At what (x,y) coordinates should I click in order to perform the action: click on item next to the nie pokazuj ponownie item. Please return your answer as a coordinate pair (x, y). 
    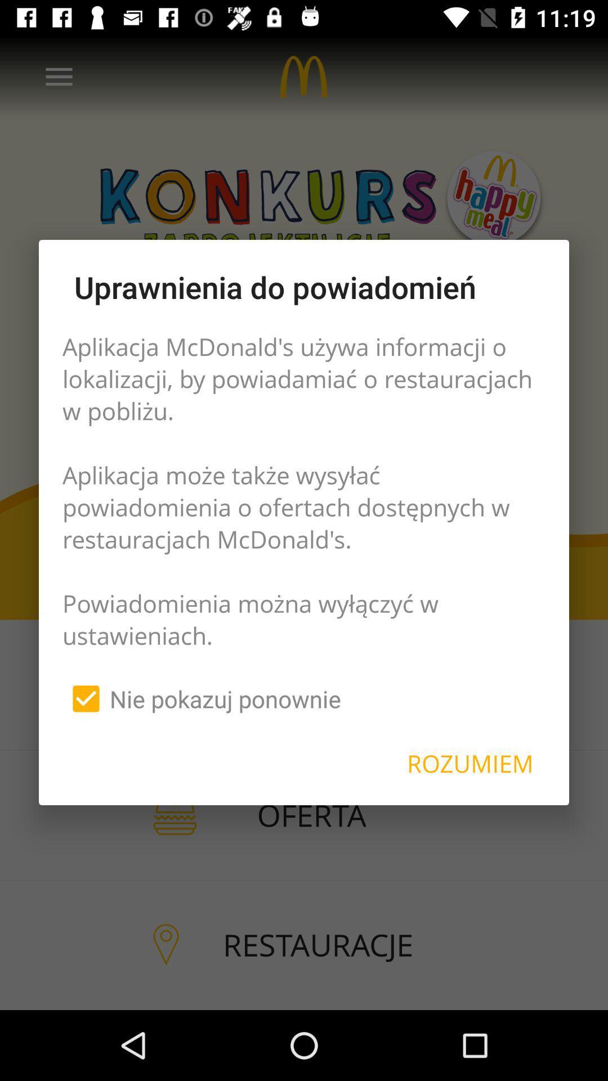
    Looking at the image, I should click on (470, 763).